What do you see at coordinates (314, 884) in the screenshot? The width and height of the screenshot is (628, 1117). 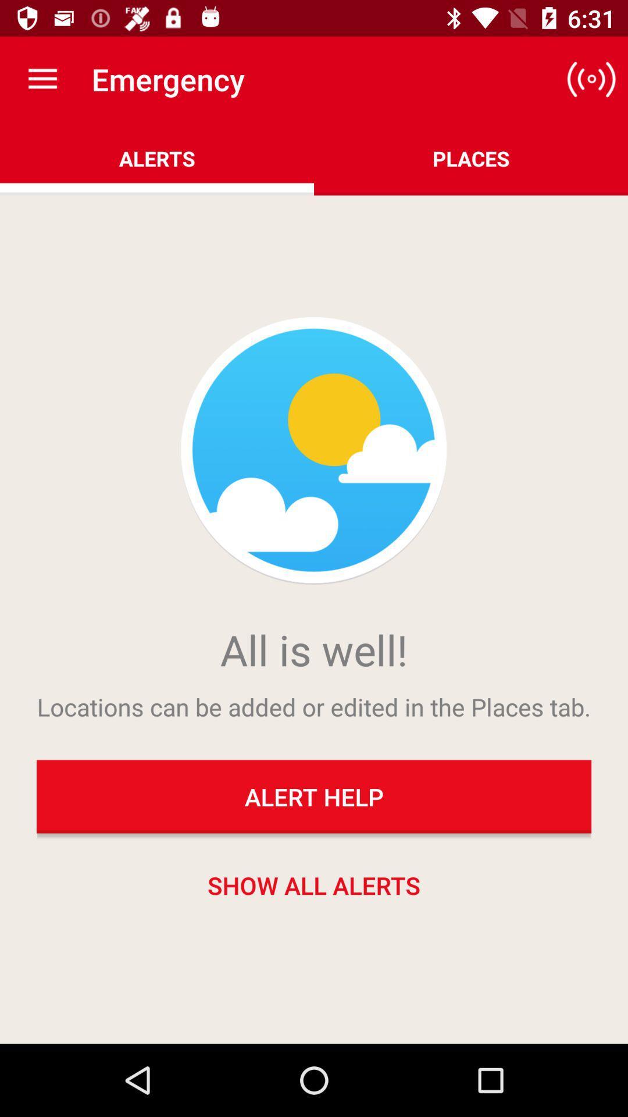 I see `the show all alerts icon` at bounding box center [314, 884].